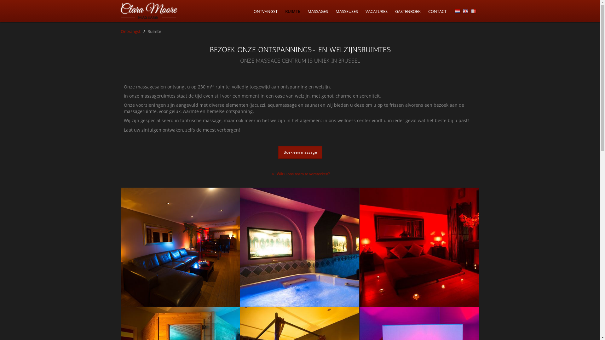  Describe the element at coordinates (292, 11) in the screenshot. I see `'RUIMTE'` at that location.